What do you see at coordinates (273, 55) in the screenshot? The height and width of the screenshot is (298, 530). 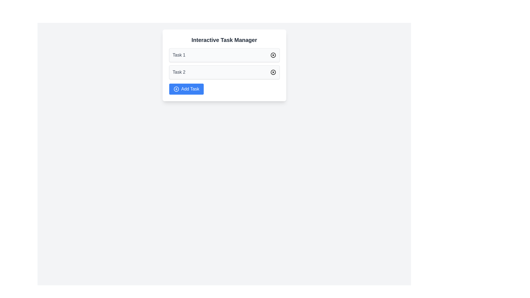 I see `the SVG circular graphical element representing an action related to task management for 'Task 1', located on the right side of the text field` at bounding box center [273, 55].